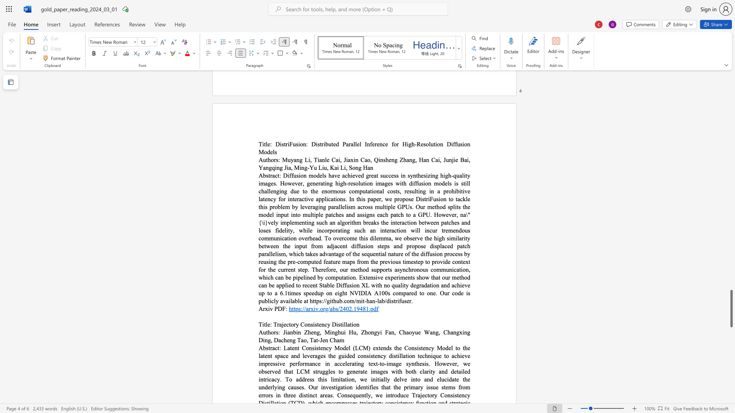  I want to click on the page's right scrollbar for upward movement, so click(731, 187).